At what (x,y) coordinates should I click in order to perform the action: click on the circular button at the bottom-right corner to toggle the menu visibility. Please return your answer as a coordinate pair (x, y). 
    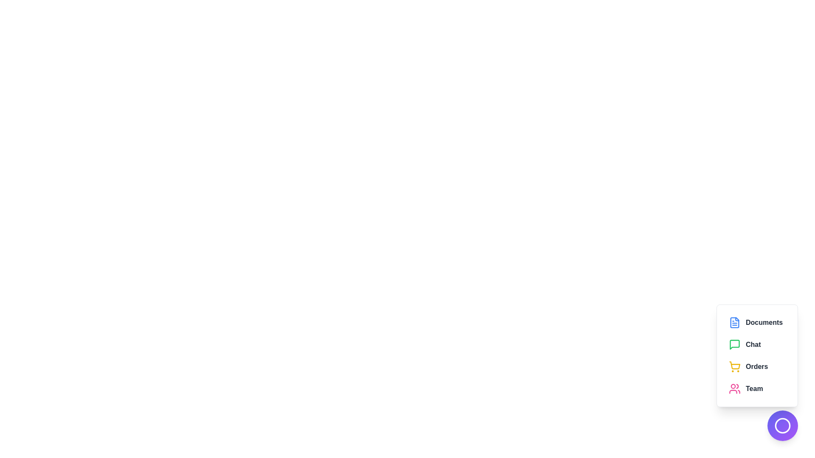
    Looking at the image, I should click on (782, 425).